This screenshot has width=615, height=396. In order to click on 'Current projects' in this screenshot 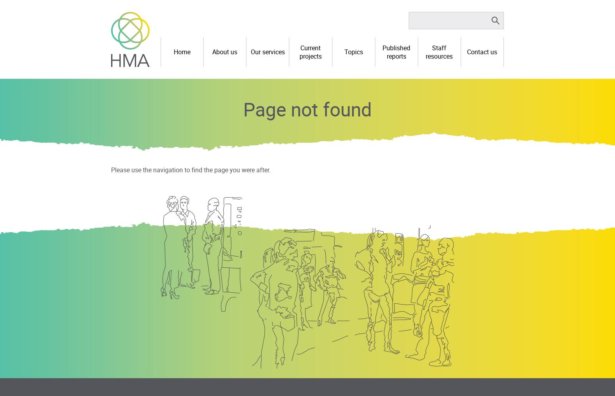, I will do `click(309, 51)`.